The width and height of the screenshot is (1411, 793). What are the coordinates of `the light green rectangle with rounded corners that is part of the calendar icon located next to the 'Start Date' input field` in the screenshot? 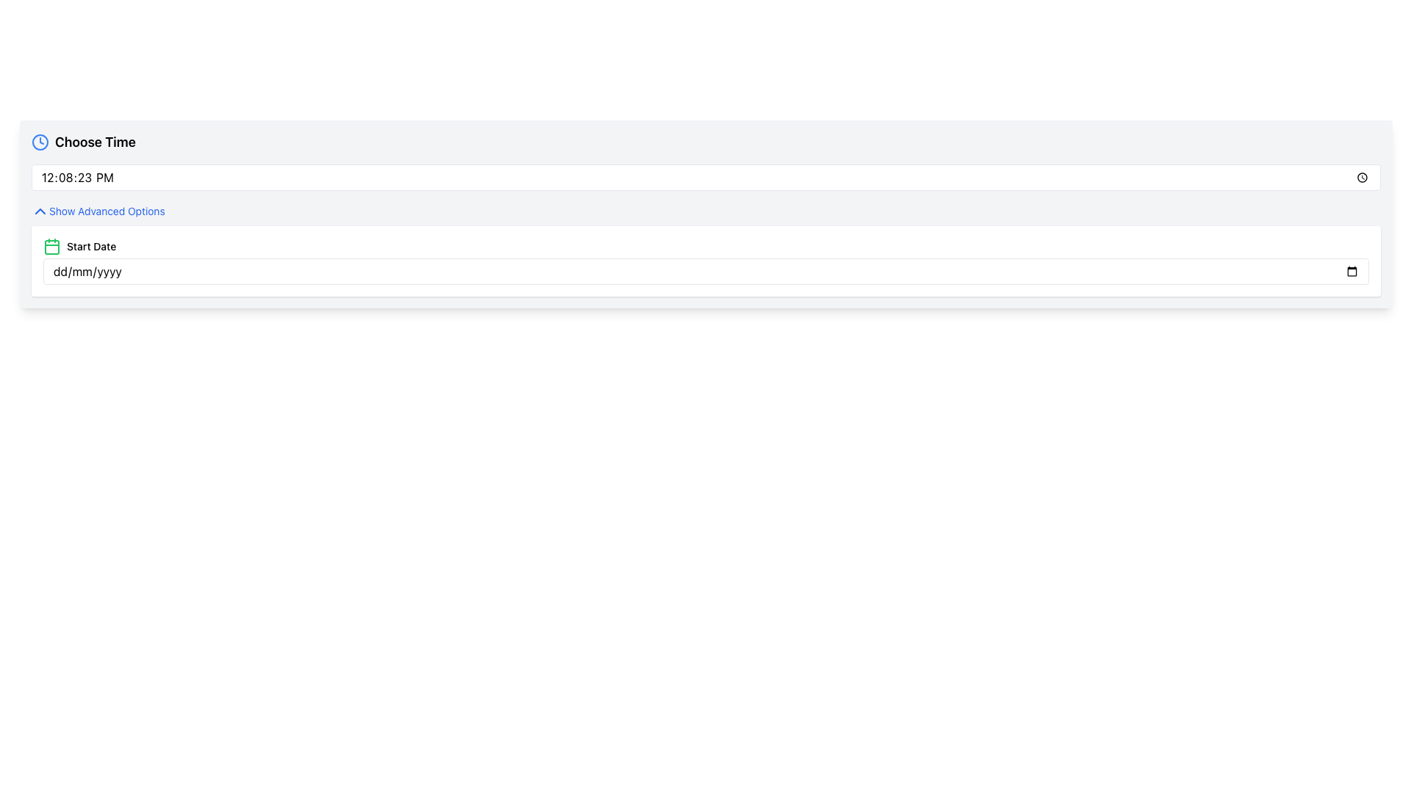 It's located at (52, 246).